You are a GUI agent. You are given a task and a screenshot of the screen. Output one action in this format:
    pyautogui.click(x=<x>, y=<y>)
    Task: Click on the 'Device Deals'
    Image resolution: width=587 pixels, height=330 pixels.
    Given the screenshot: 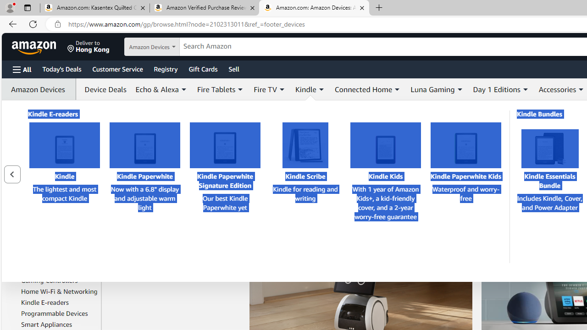 What is the action you would take?
    pyautogui.click(x=103, y=89)
    